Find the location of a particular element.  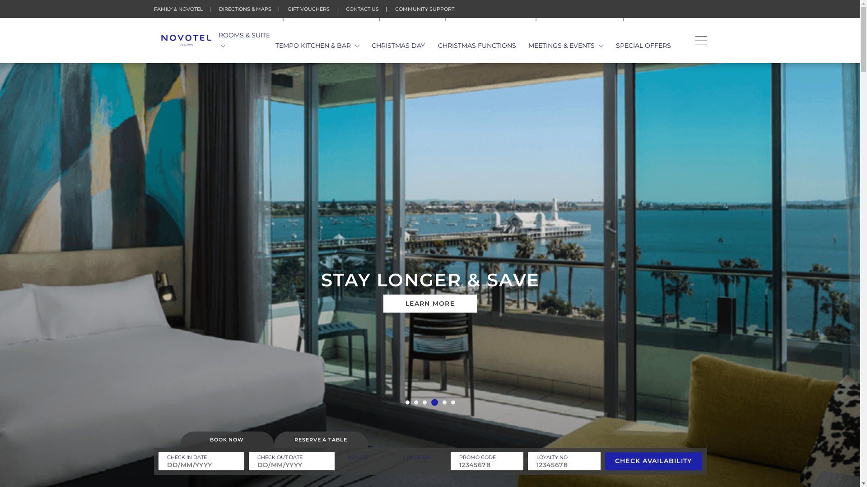

'GIFT VOUCHERS' is located at coordinates (308, 9).